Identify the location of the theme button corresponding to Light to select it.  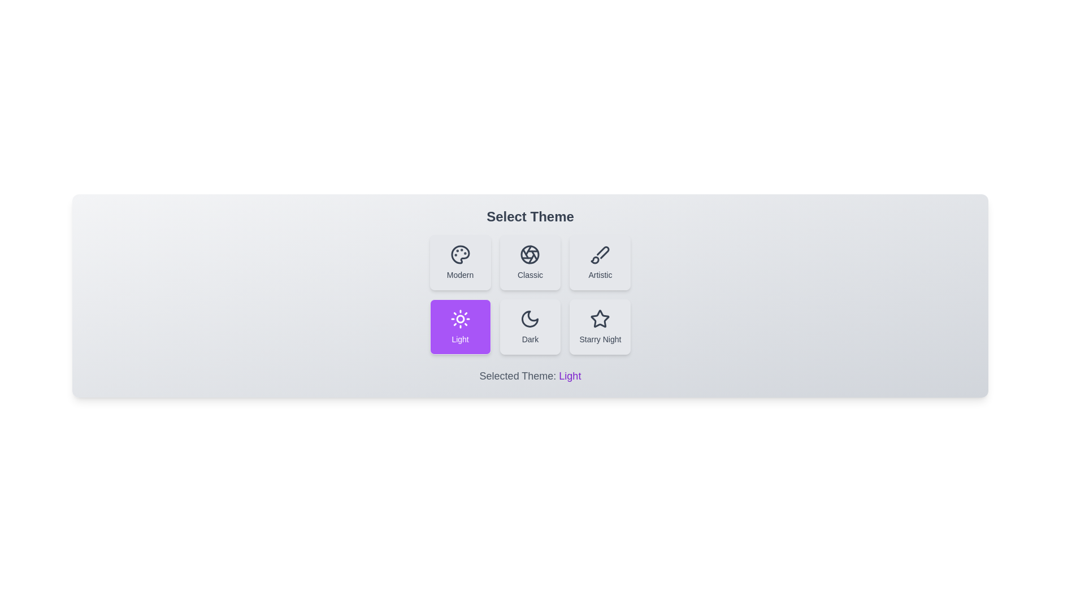
(460, 326).